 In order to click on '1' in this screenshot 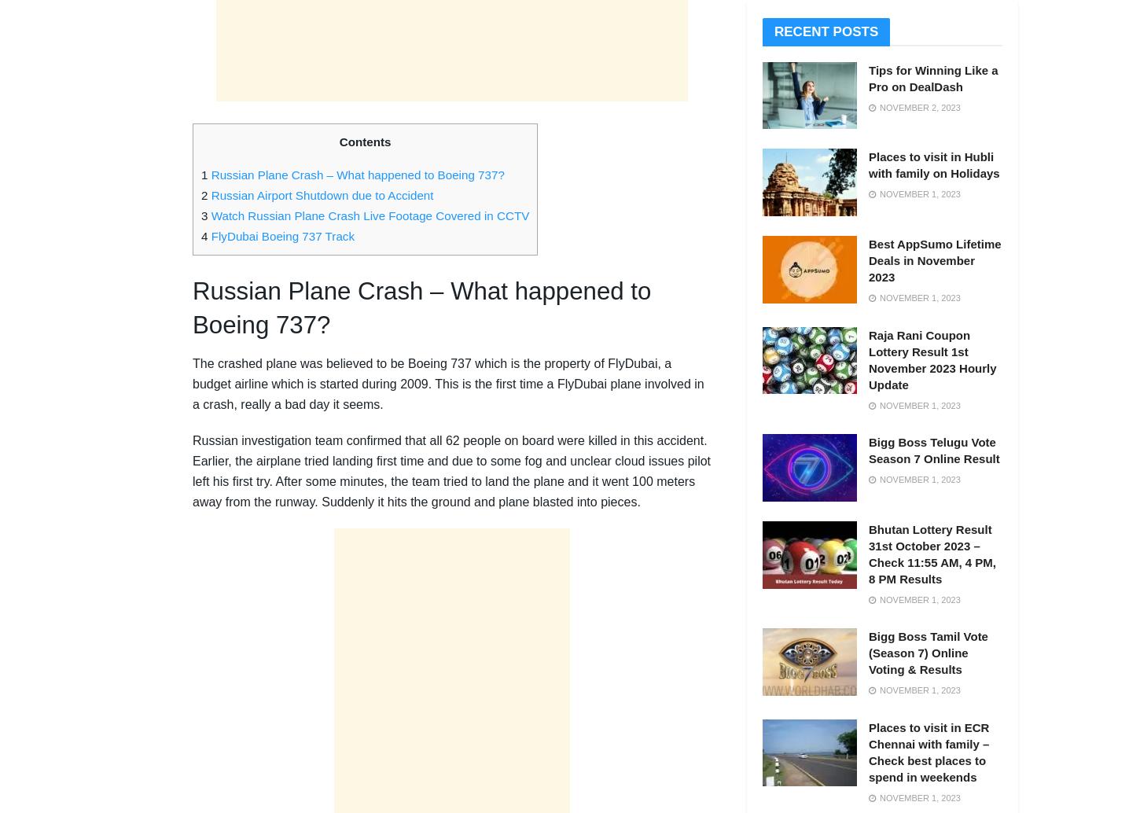, I will do `click(204, 174)`.